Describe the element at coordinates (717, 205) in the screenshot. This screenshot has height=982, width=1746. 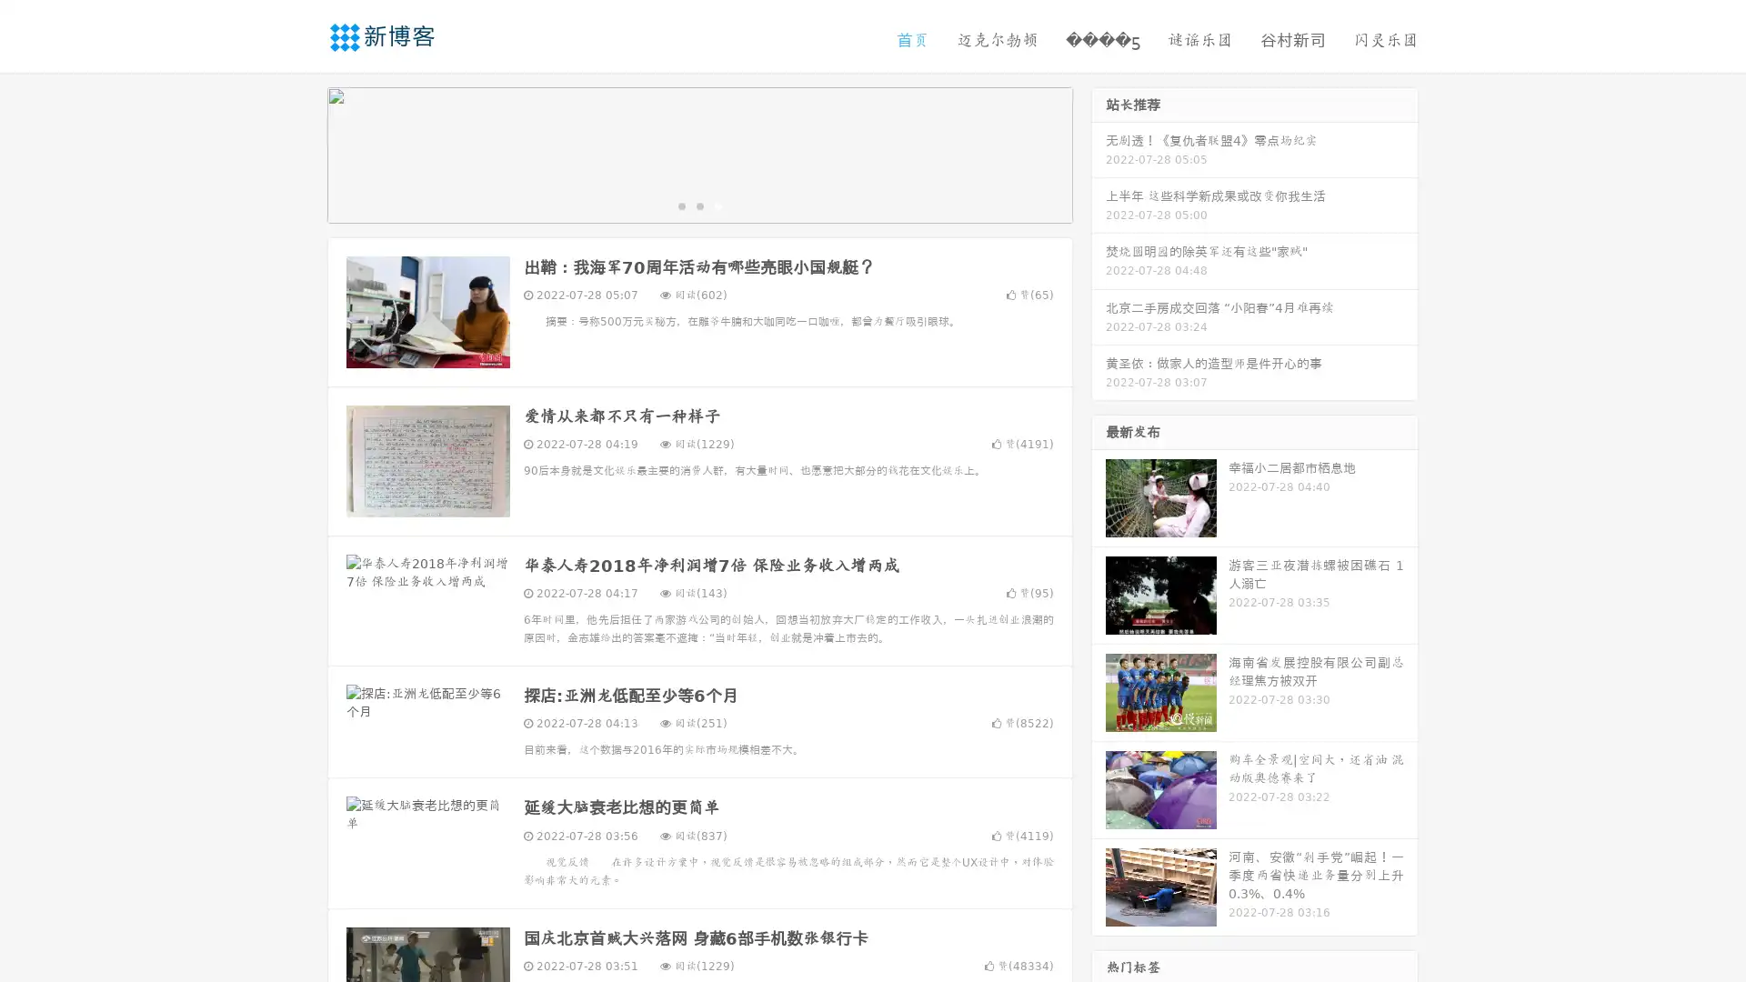
I see `Go to slide 3` at that location.